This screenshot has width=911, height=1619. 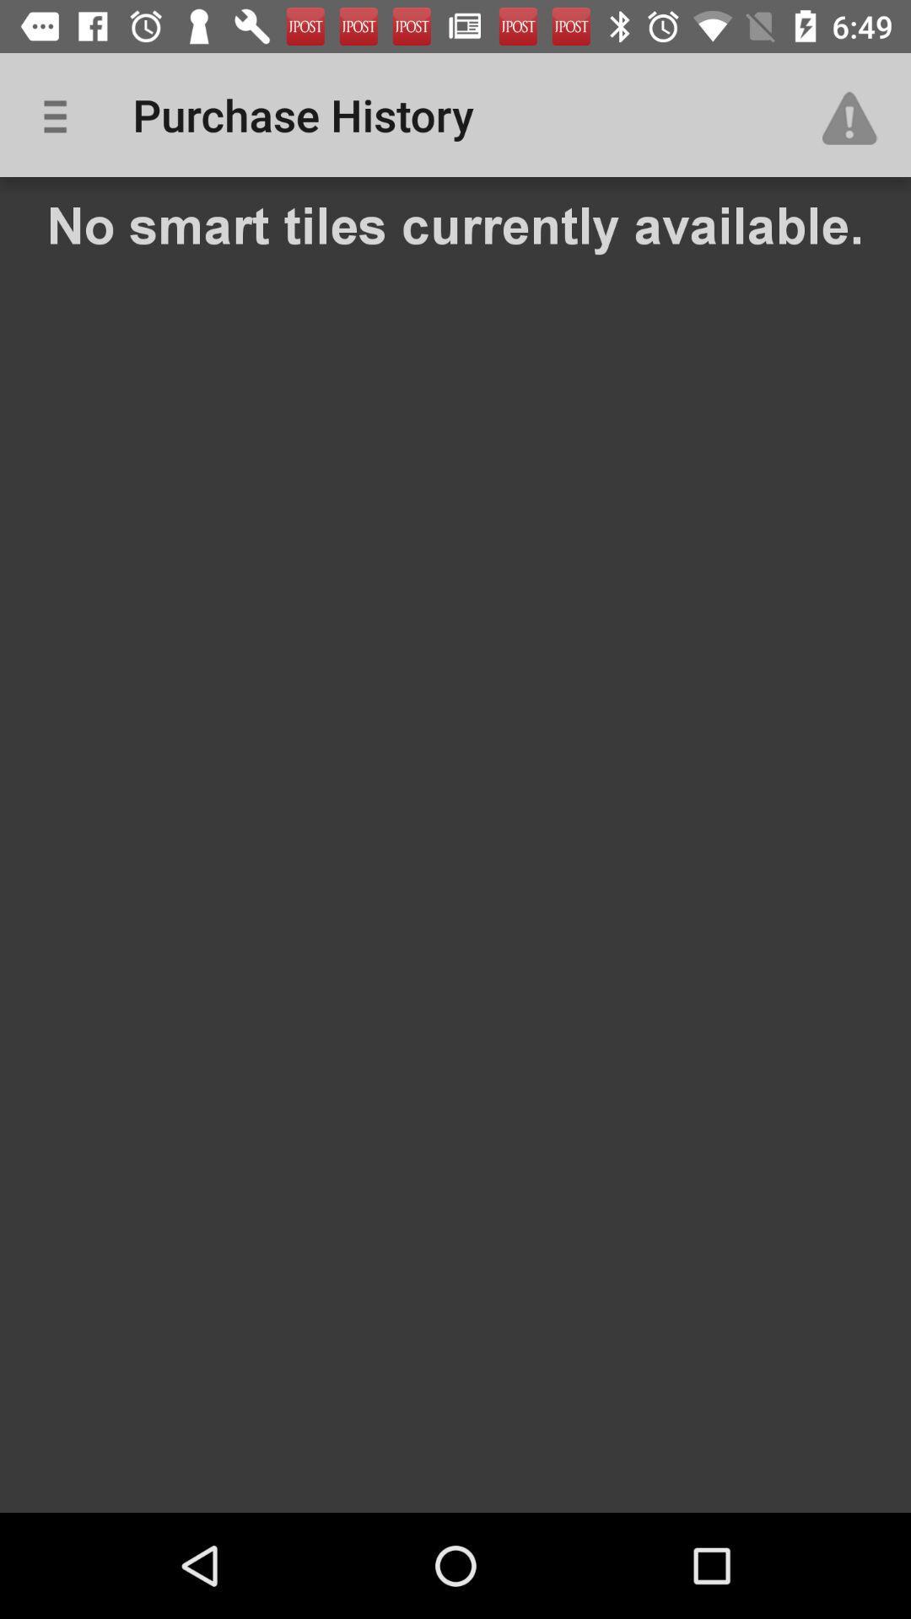 What do you see at coordinates (61, 114) in the screenshot?
I see `the icon next to the purchase history app` at bounding box center [61, 114].